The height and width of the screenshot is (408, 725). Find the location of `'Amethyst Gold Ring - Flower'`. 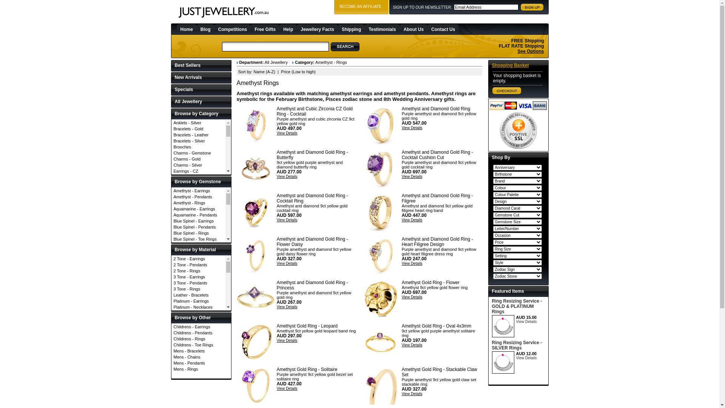

'Amethyst Gold Ring - Flower' is located at coordinates (381, 298).